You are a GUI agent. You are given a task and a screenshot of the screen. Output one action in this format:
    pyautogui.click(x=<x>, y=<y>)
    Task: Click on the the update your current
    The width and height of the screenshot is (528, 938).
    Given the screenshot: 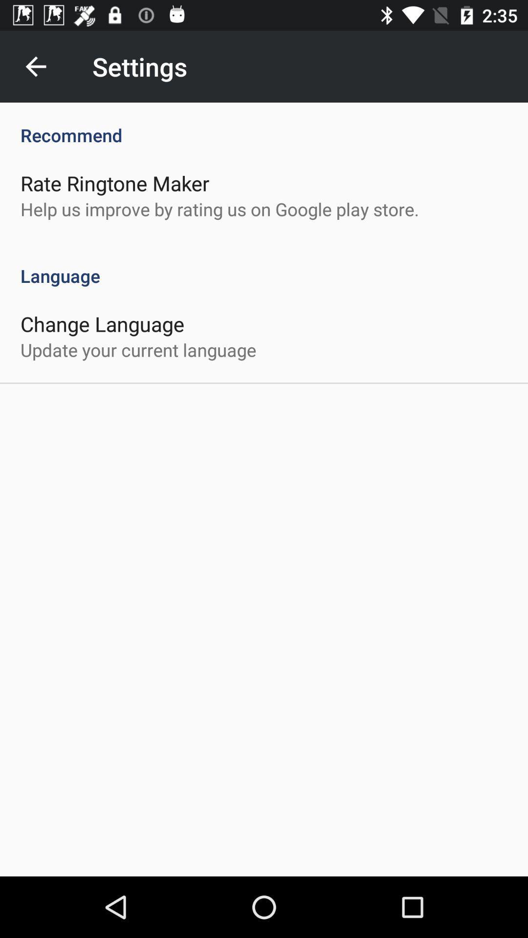 What is the action you would take?
    pyautogui.click(x=138, y=350)
    